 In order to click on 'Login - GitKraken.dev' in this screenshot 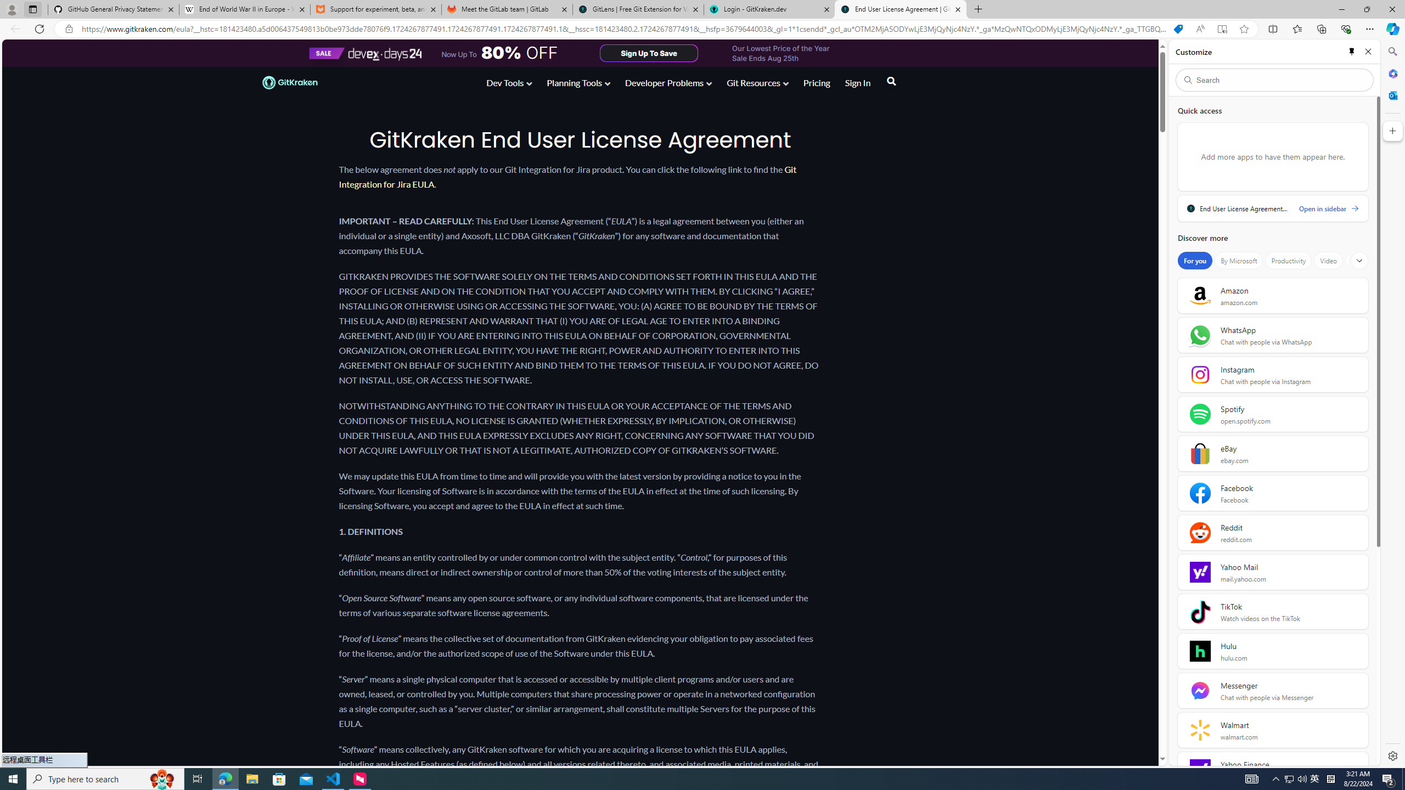, I will do `click(769, 9)`.